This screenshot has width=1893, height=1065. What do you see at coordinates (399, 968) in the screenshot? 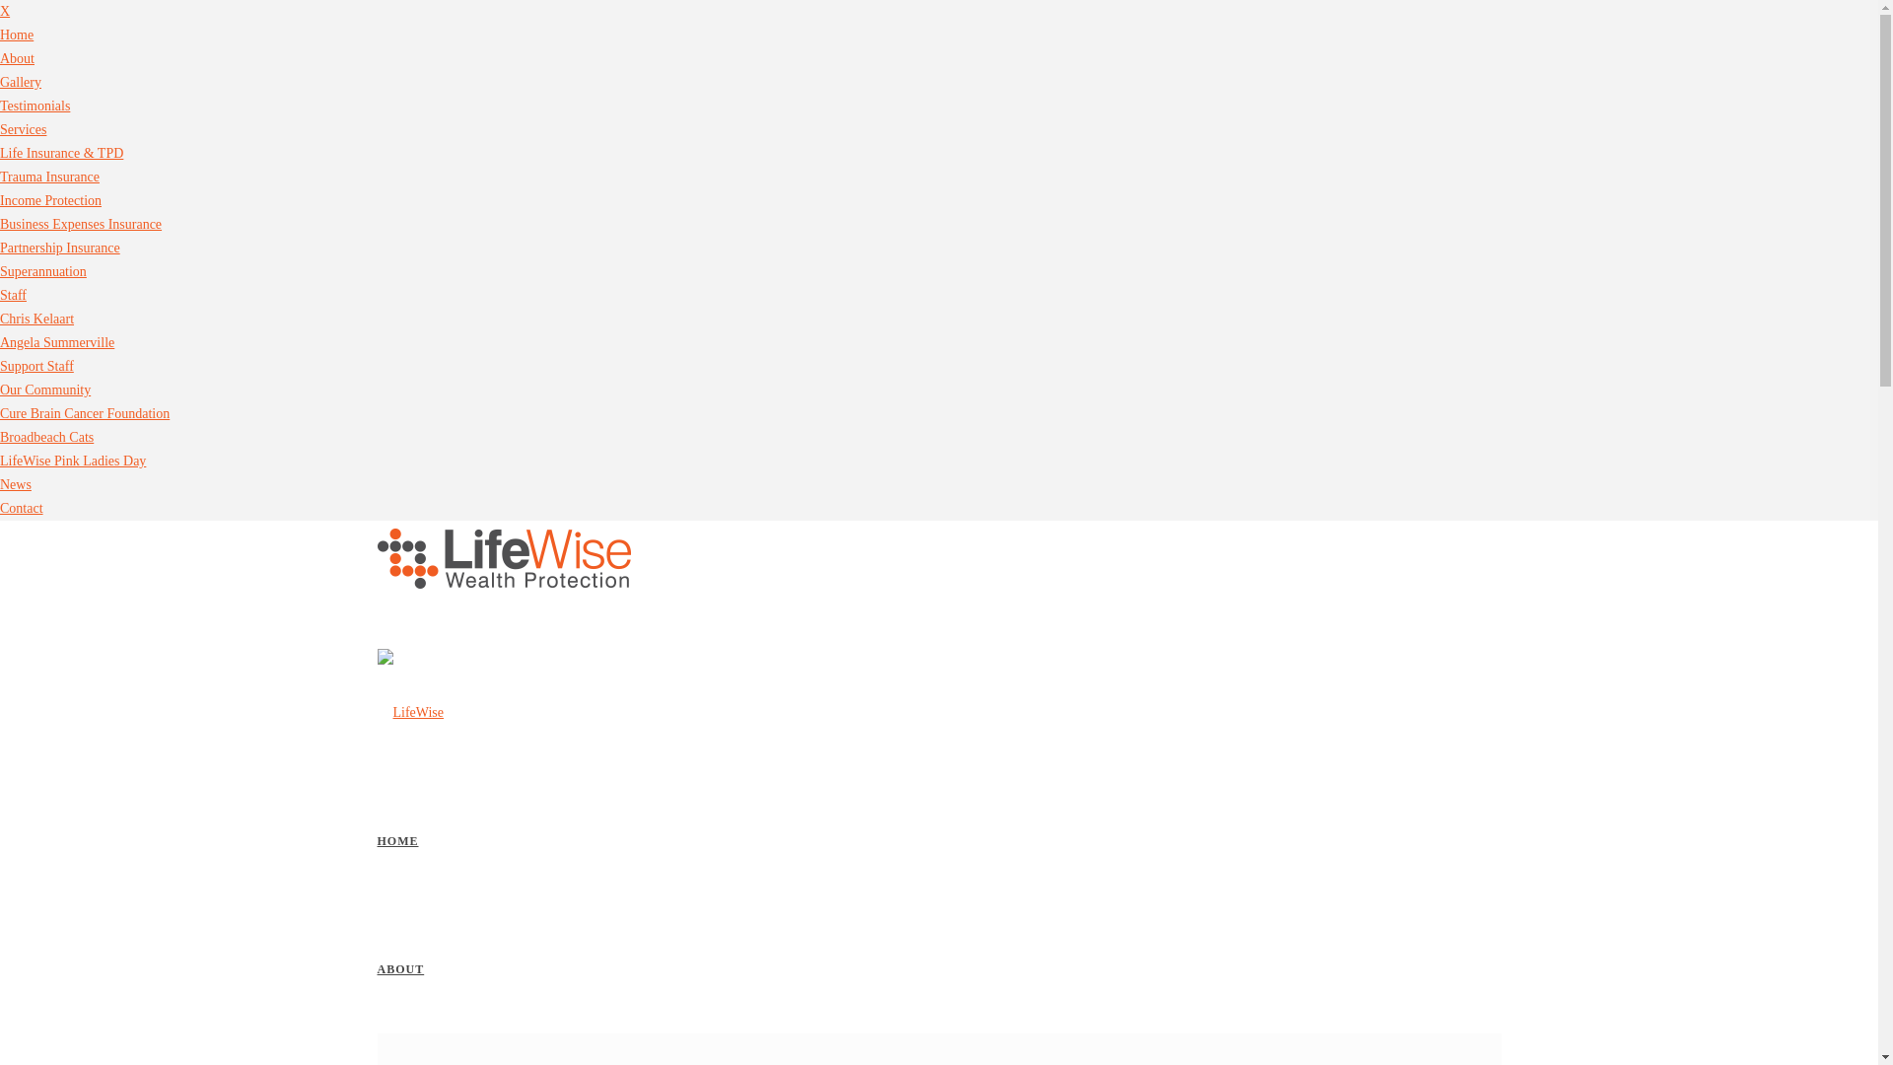
I see `'ABOUT'` at bounding box center [399, 968].